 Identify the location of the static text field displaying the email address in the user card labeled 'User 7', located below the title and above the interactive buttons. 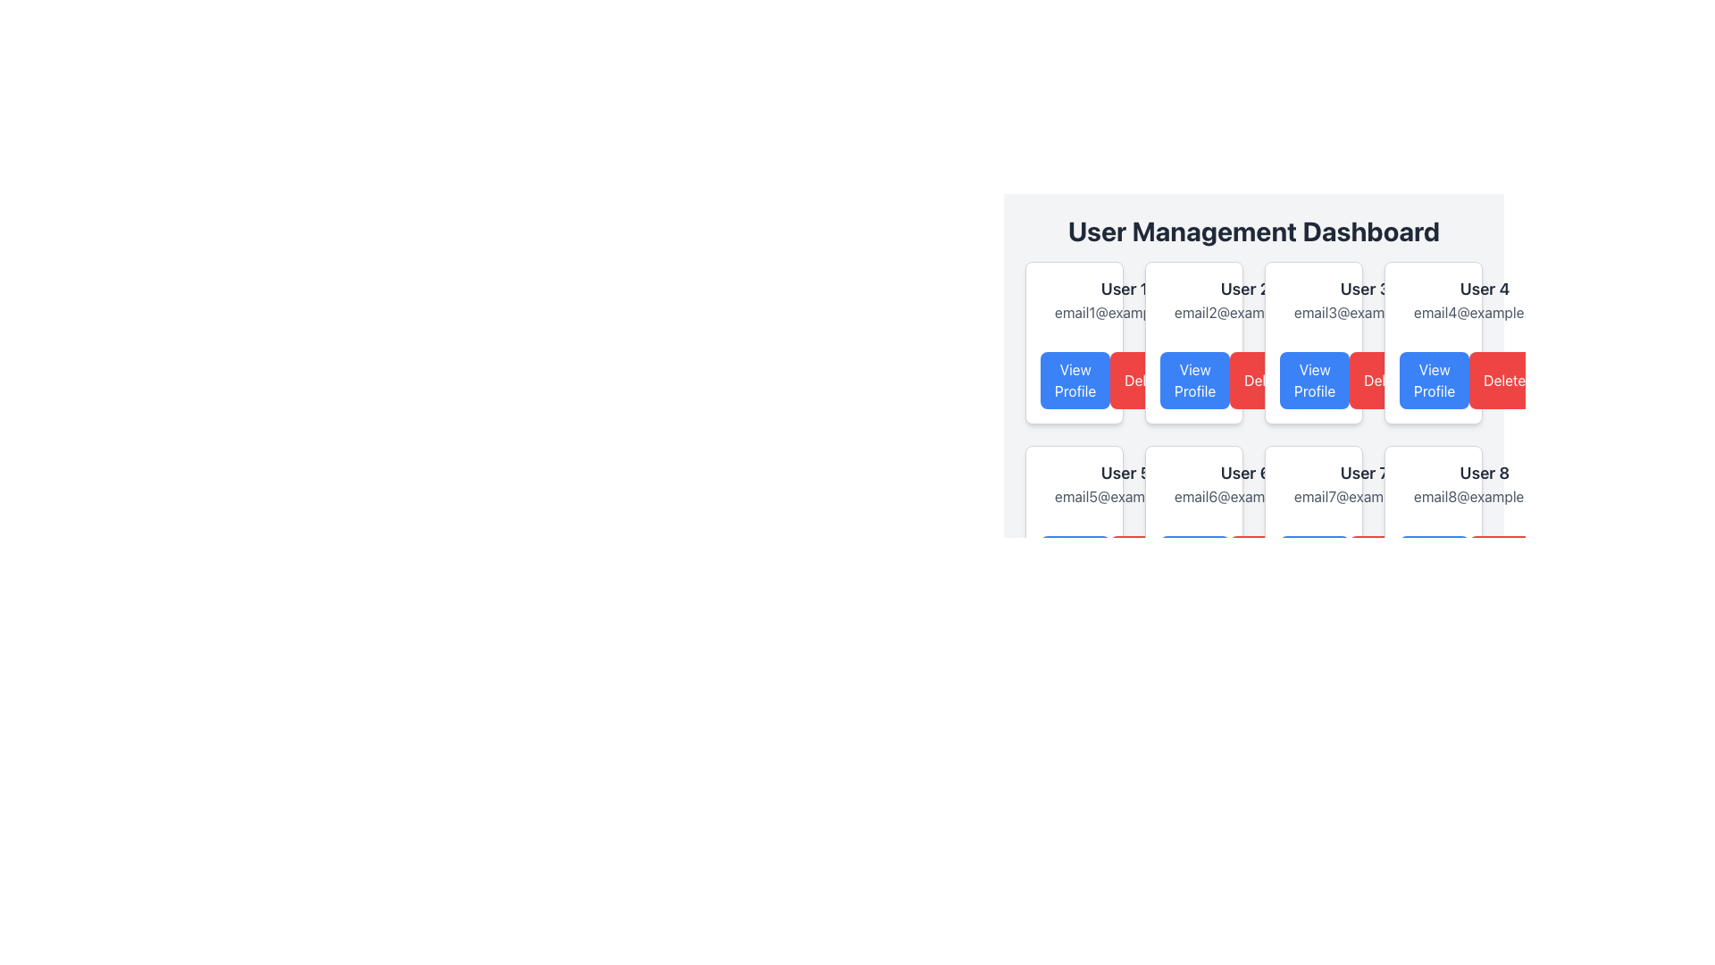
(1363, 496).